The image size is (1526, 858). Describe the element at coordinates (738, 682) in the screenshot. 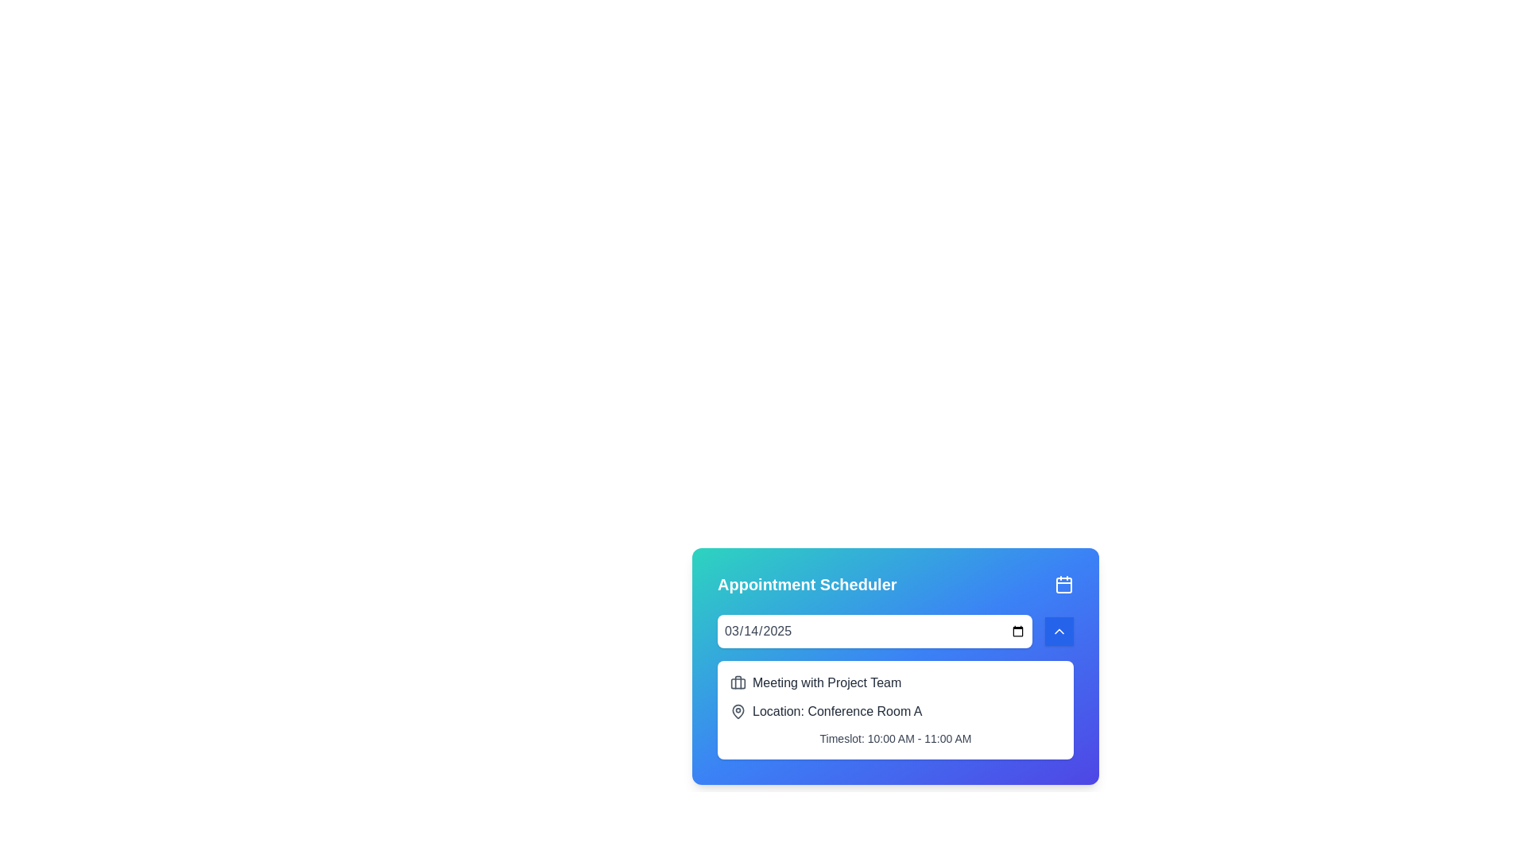

I see `the icon indicating the event 'Meeting with Project Team' located within the 'Appointment Scheduler' card interface` at that location.